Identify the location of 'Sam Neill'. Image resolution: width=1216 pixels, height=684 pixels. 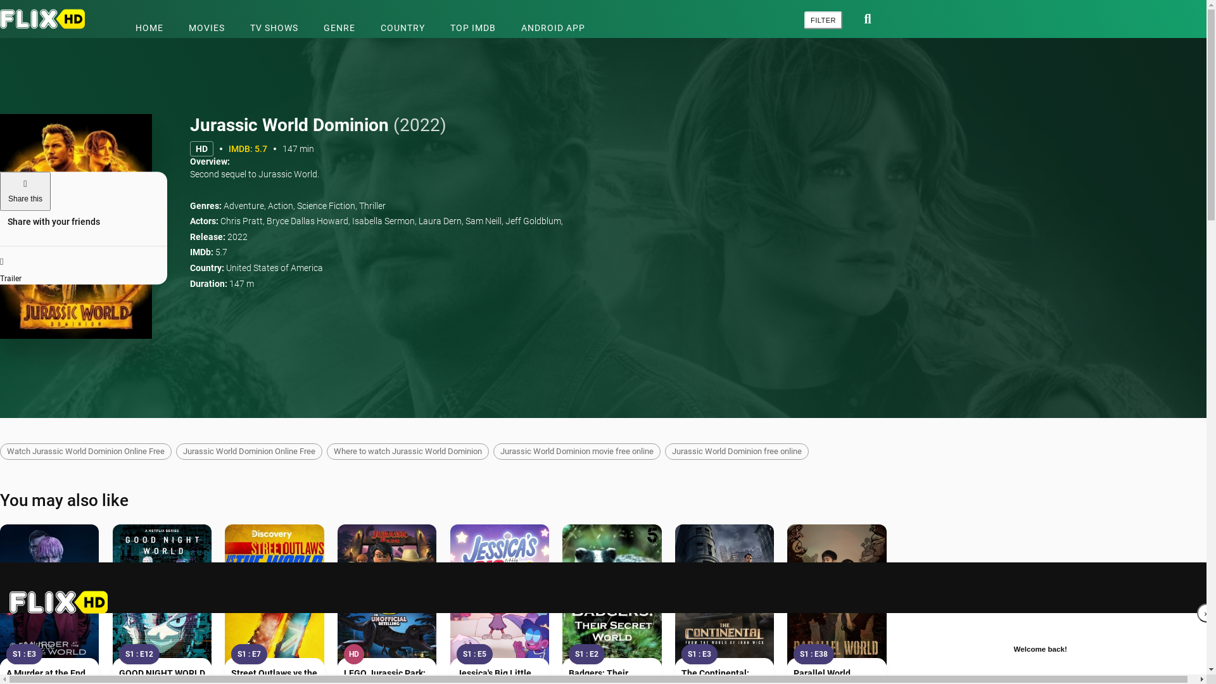
(483, 220).